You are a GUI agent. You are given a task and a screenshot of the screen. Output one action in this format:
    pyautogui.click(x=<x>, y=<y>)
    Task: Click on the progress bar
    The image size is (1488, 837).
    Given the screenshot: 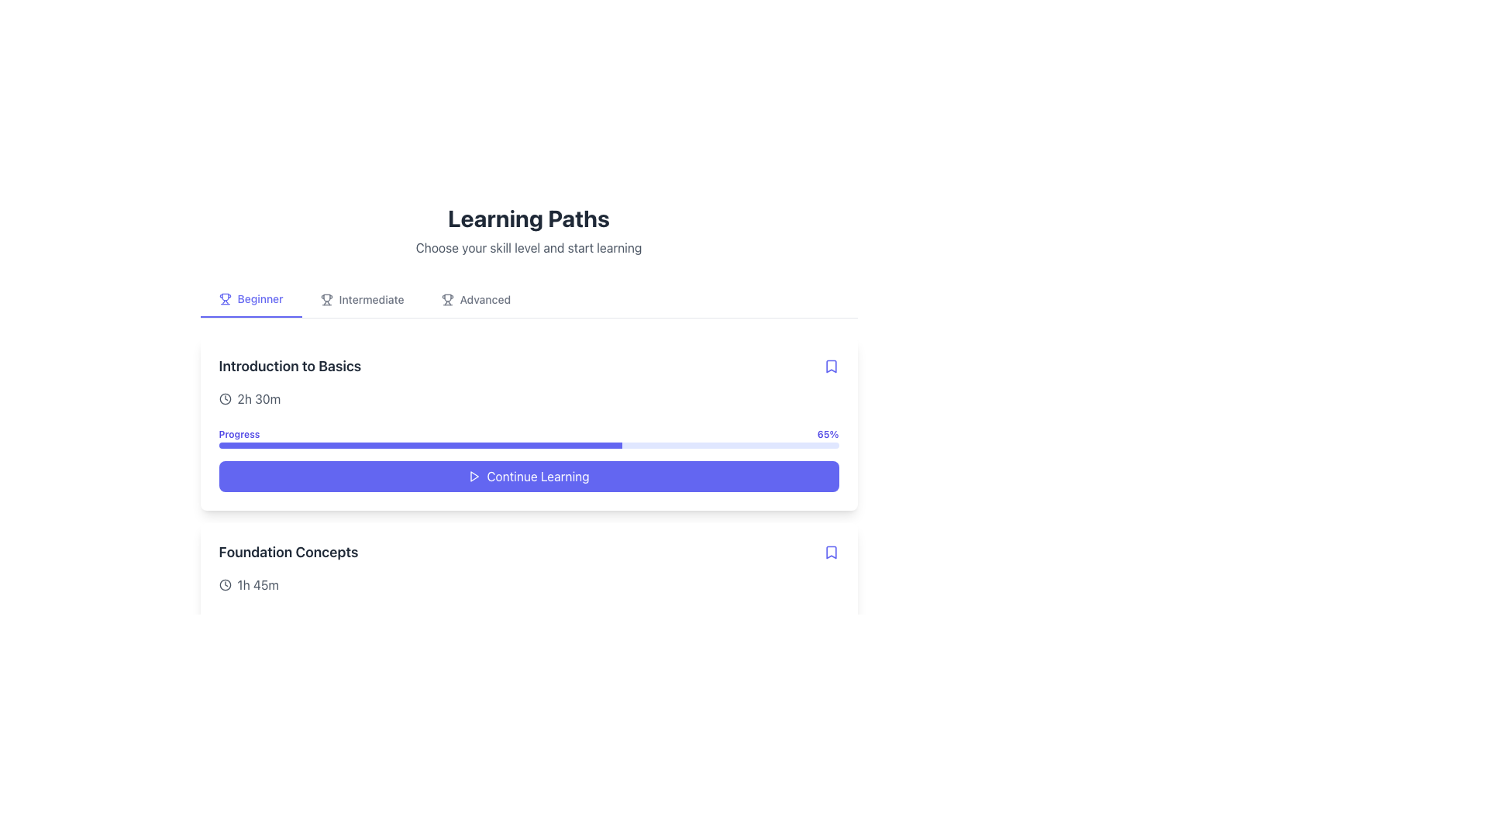 What is the action you would take?
    pyautogui.click(x=218, y=445)
    